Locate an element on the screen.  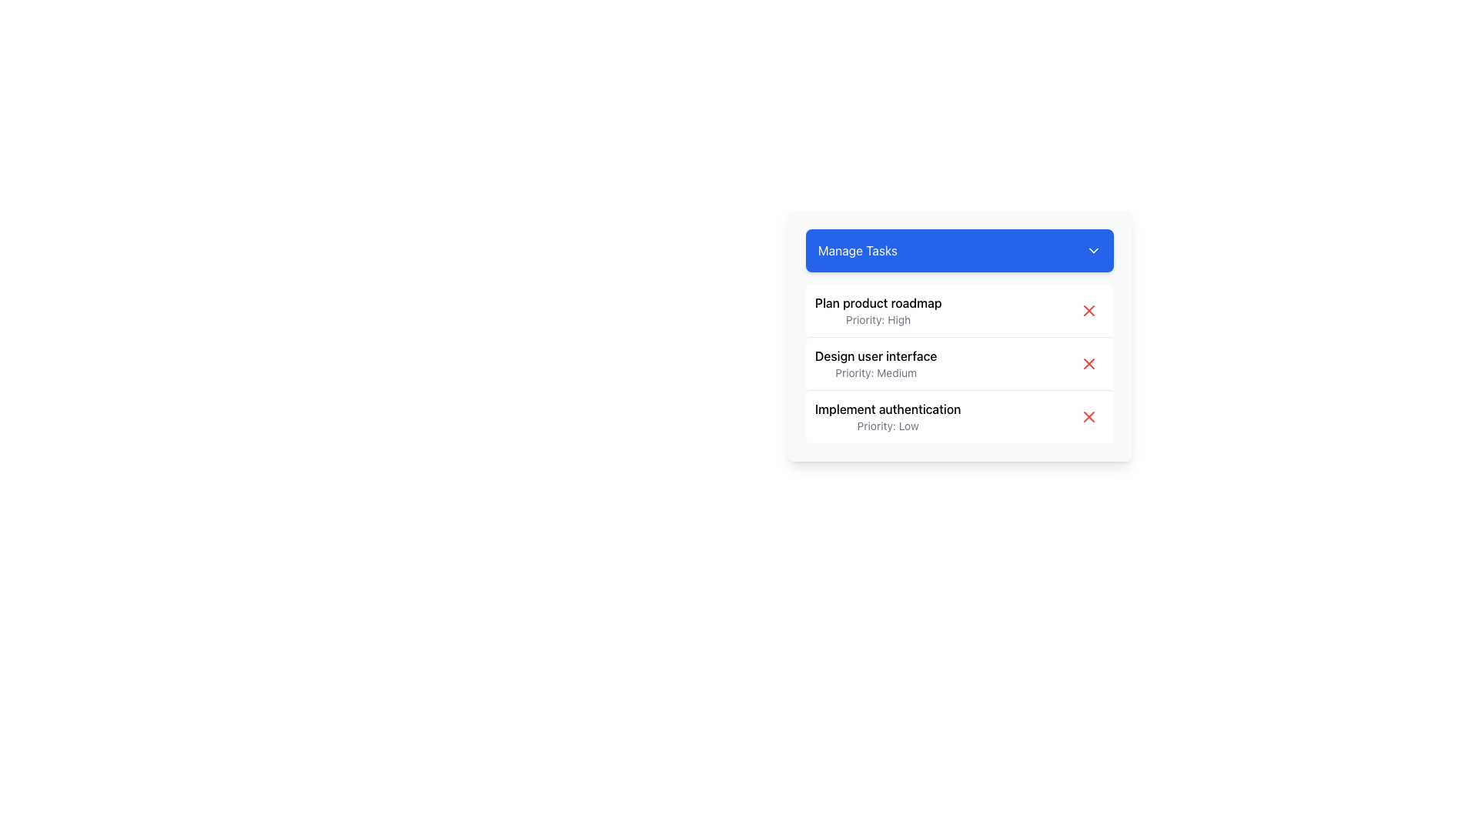
the red 'X' icon button is located at coordinates (1088, 311).